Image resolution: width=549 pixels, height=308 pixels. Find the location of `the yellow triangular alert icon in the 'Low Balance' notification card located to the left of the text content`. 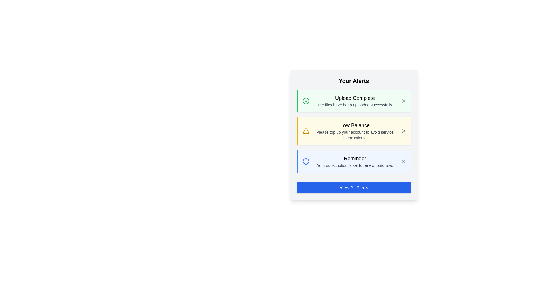

the yellow triangular alert icon in the 'Low Balance' notification card located to the left of the text content is located at coordinates (305, 131).